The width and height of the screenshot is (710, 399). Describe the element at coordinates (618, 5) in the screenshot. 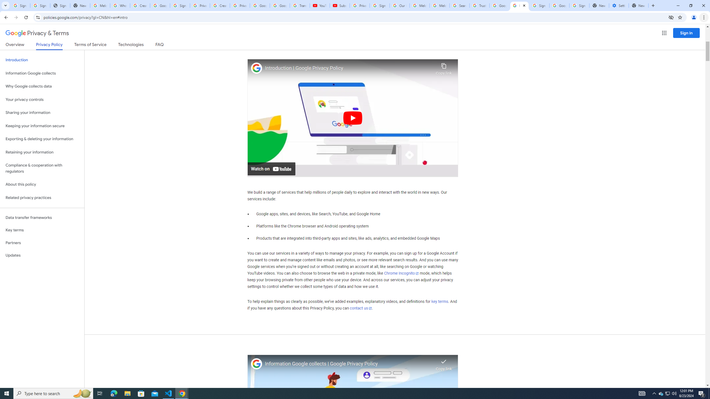

I see `'Settings - Addresses and more'` at that location.